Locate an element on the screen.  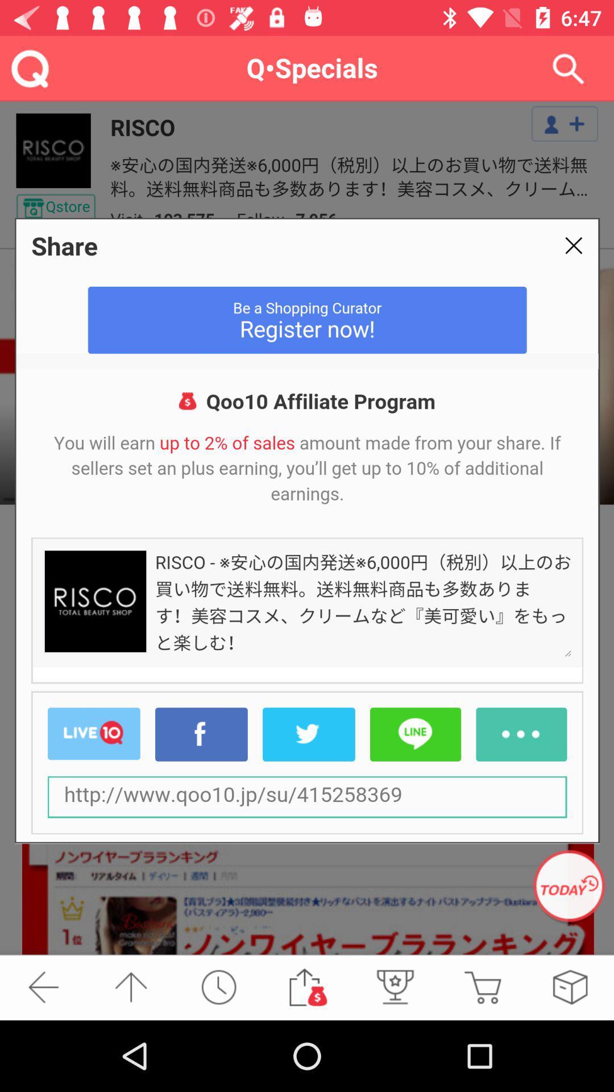
the arrow_backward icon is located at coordinates (43, 986).